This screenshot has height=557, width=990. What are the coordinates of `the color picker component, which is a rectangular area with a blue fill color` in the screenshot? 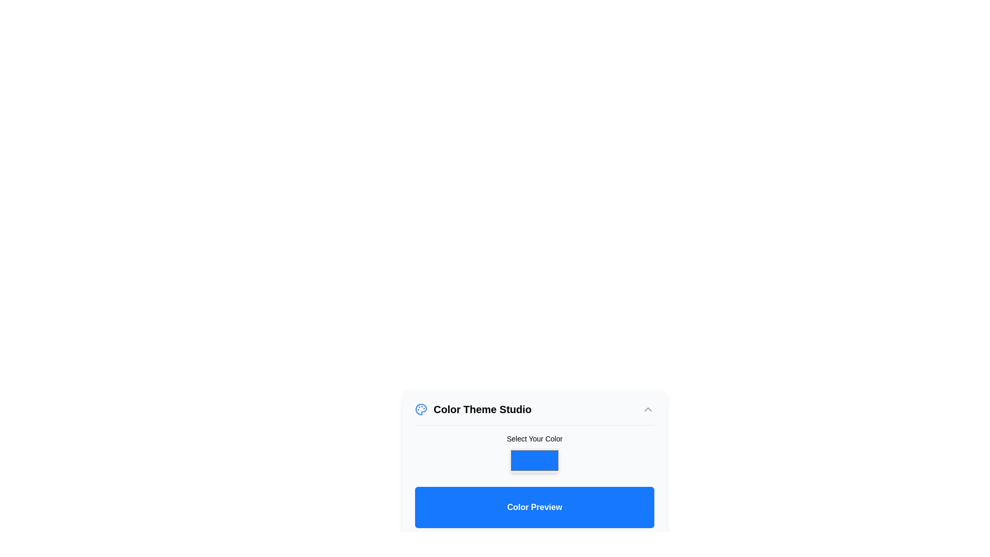 It's located at (534, 453).